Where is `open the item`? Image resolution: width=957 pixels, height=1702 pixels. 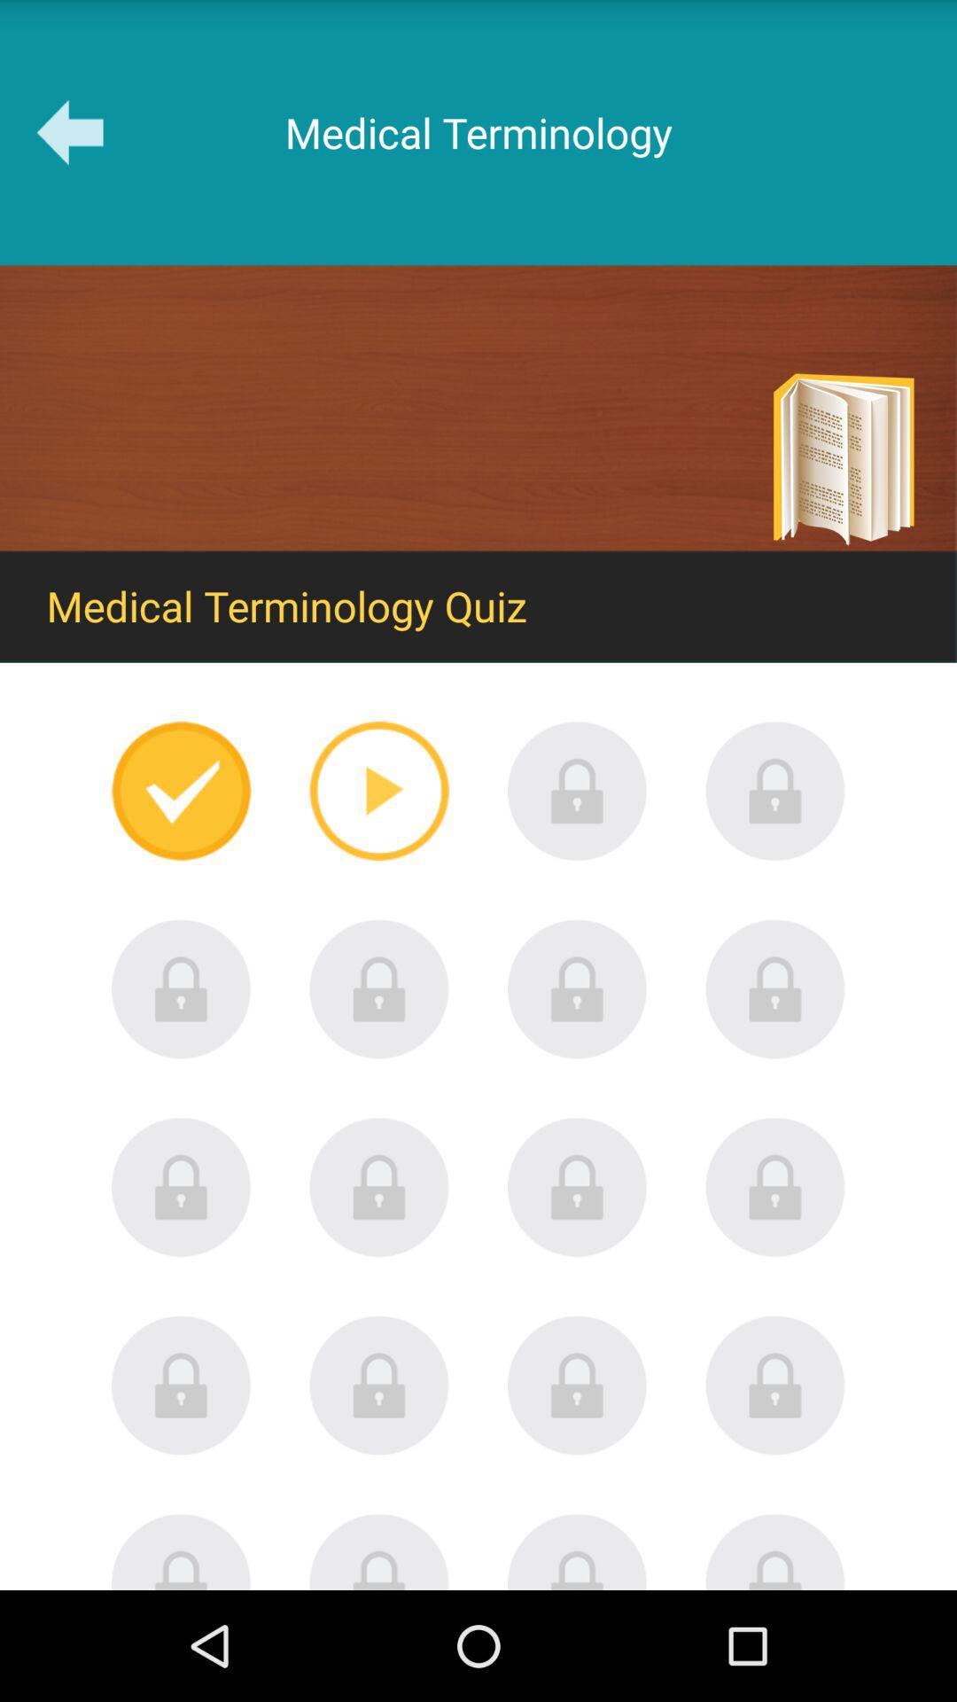 open the item is located at coordinates (577, 988).